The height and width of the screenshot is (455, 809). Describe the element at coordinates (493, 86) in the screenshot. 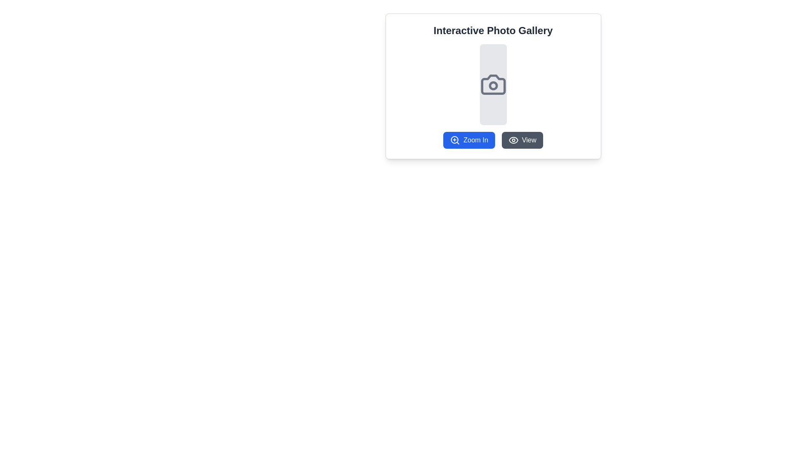

I see `the 'View' button located at the bottom of the Interactive Content Panel titled 'Interactive Photo Gallery'` at that location.